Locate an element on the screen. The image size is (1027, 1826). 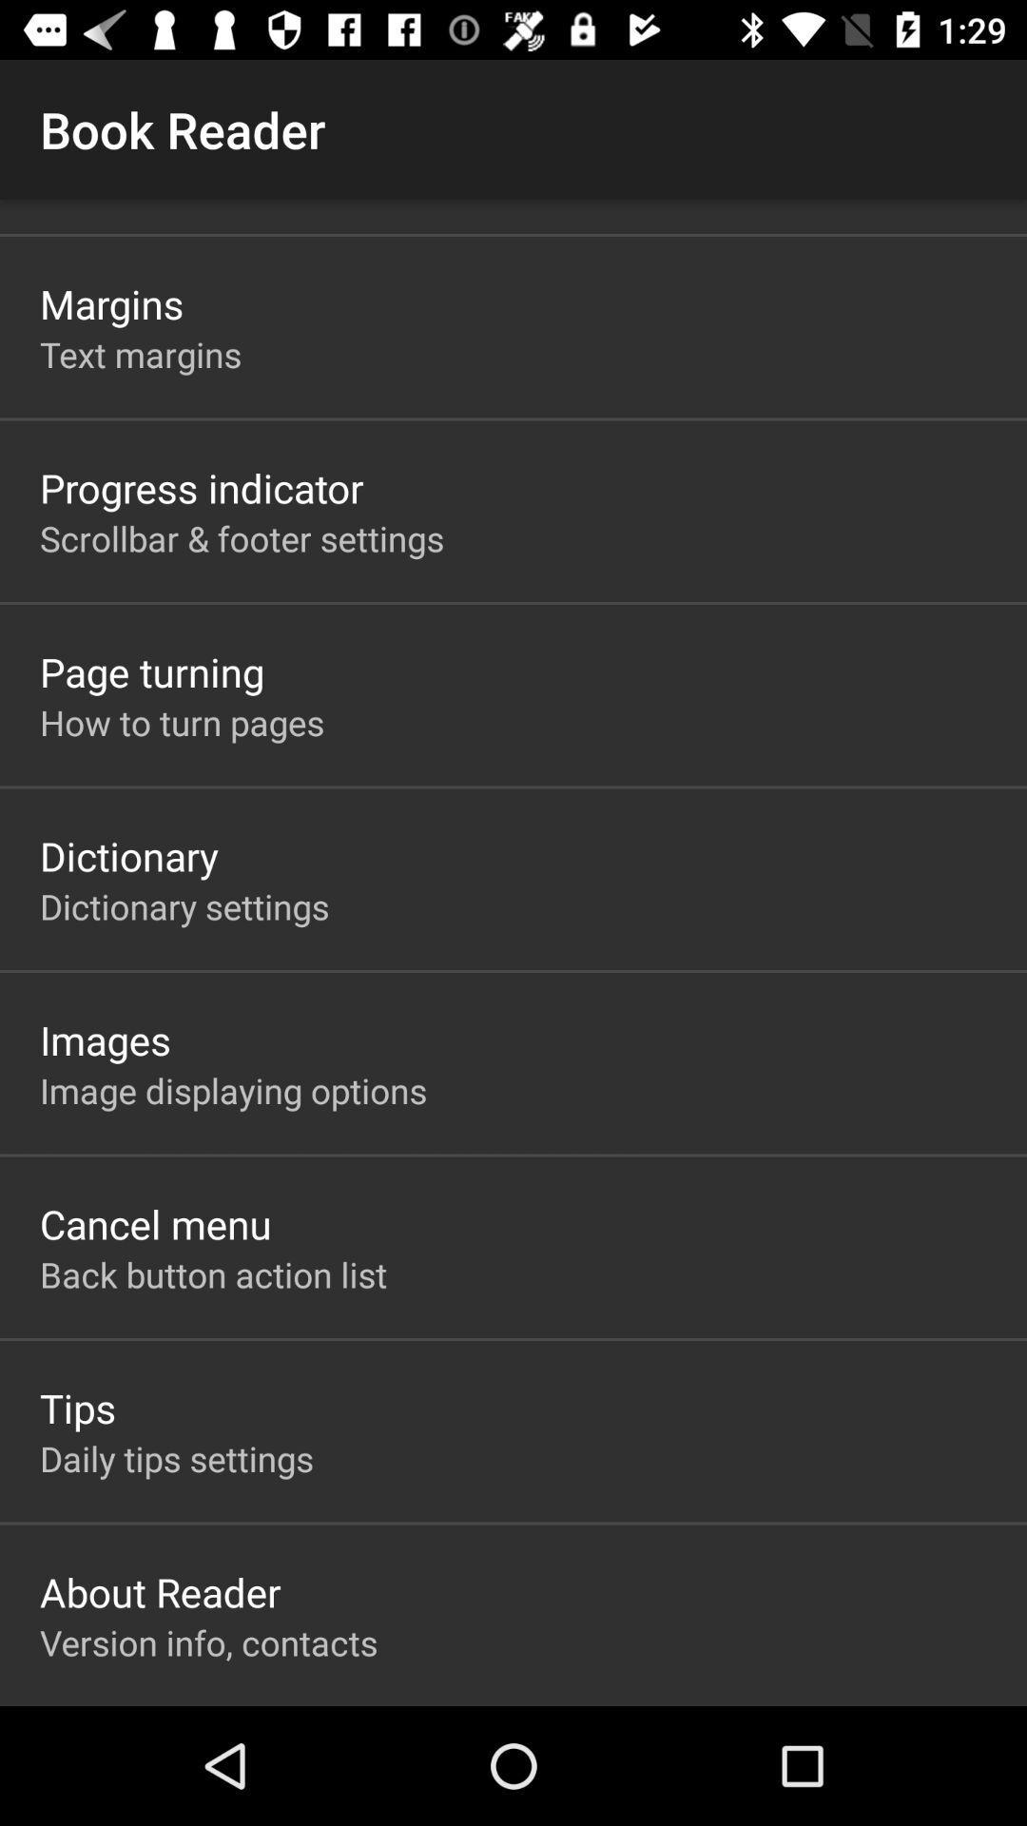
dictionary settings item is located at coordinates (184, 905).